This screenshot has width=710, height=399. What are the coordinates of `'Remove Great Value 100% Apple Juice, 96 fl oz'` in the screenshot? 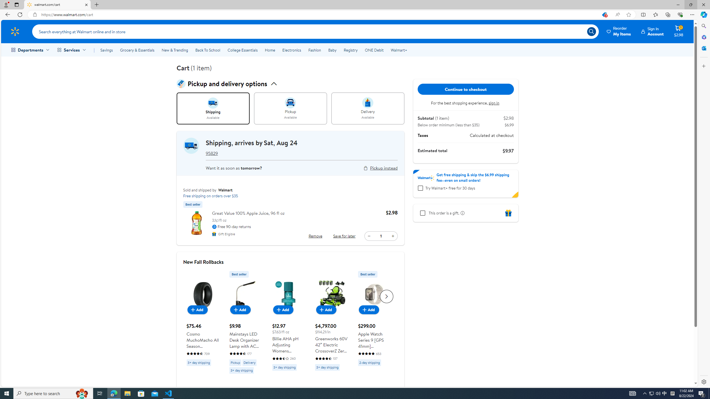 It's located at (315, 236).